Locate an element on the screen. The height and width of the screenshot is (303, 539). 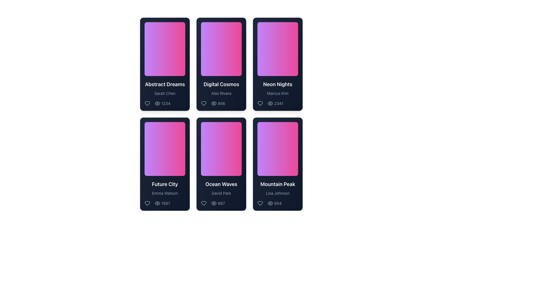
the Heart-shaped icon located at the bottom-left corner of the 'Ocean Waves' card by 'David Park' is located at coordinates (203, 203).